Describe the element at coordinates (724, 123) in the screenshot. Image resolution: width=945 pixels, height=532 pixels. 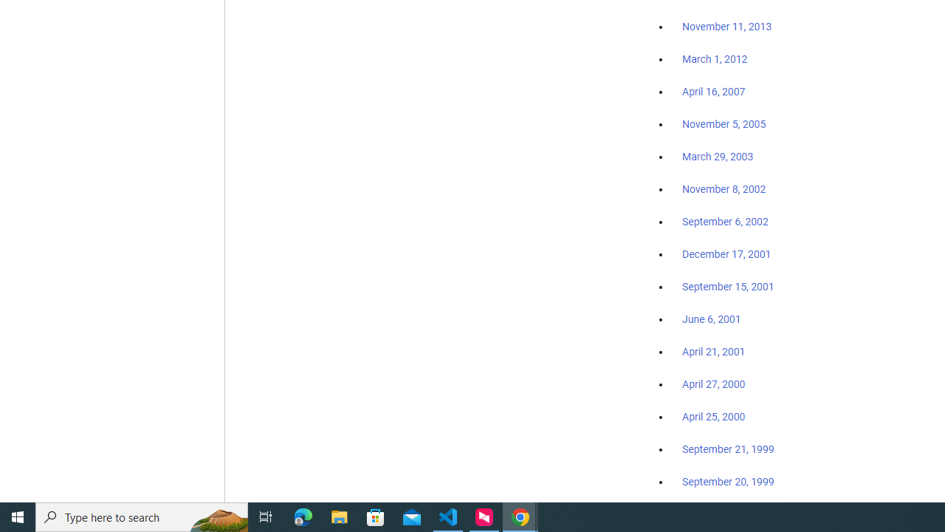
I see `'November 5, 2005'` at that location.